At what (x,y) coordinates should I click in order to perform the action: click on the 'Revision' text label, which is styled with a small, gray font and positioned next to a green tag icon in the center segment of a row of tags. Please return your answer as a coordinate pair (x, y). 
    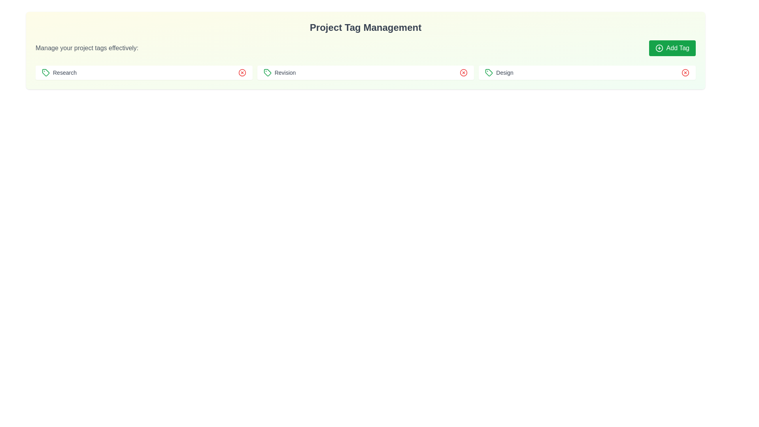
    Looking at the image, I should click on (285, 73).